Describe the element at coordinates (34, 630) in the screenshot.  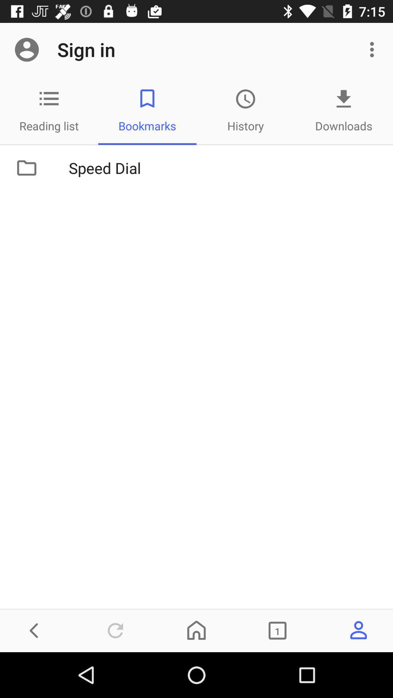
I see `the arrow_backward icon` at that location.